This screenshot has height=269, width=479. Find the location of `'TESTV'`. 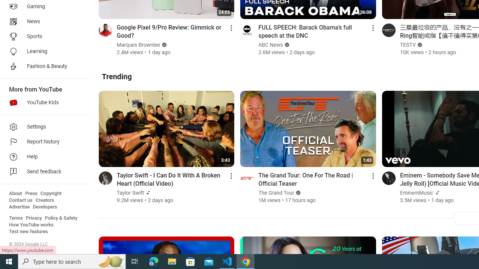

'TESTV' is located at coordinates (408, 45).